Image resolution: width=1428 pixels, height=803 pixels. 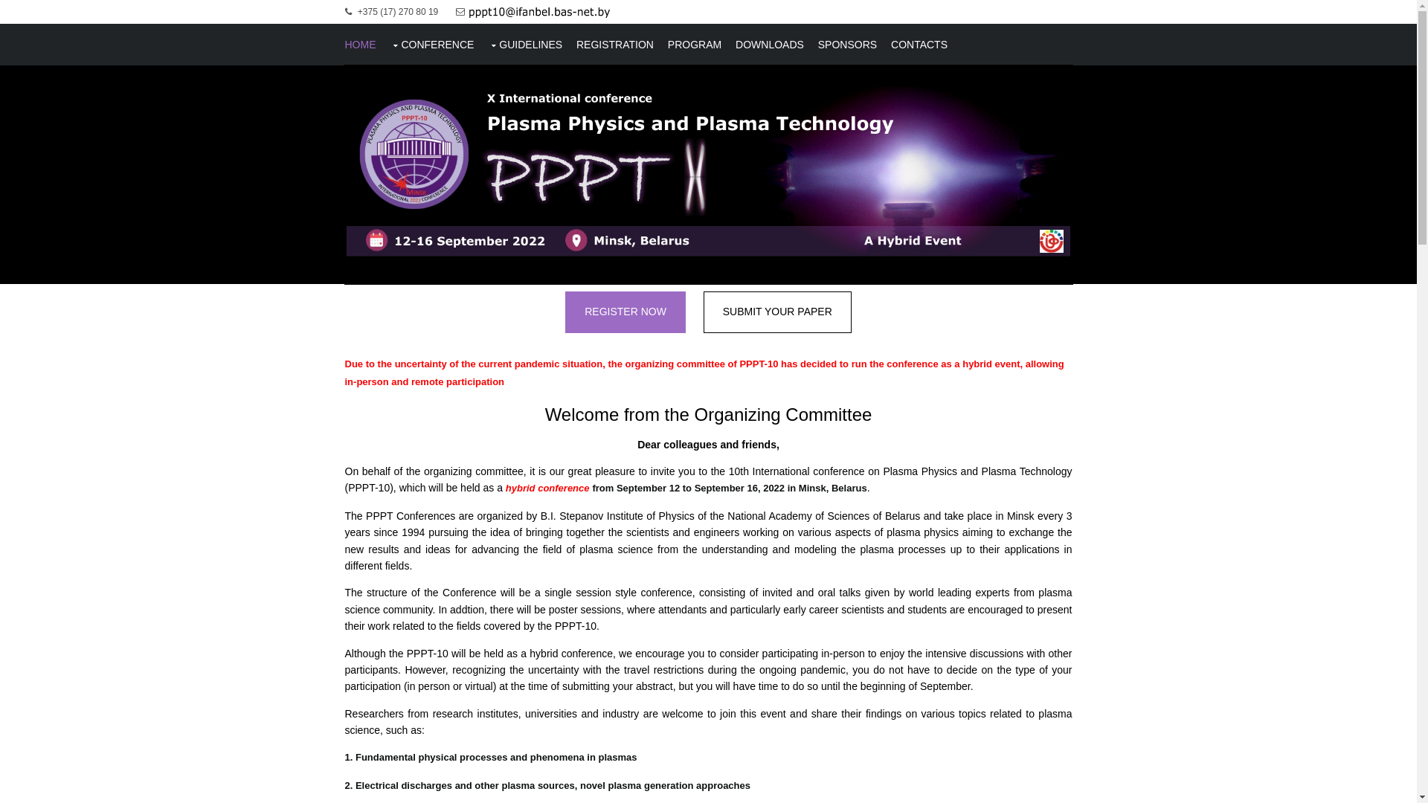 What do you see at coordinates (564, 312) in the screenshot?
I see `'REGISTER NOW'` at bounding box center [564, 312].